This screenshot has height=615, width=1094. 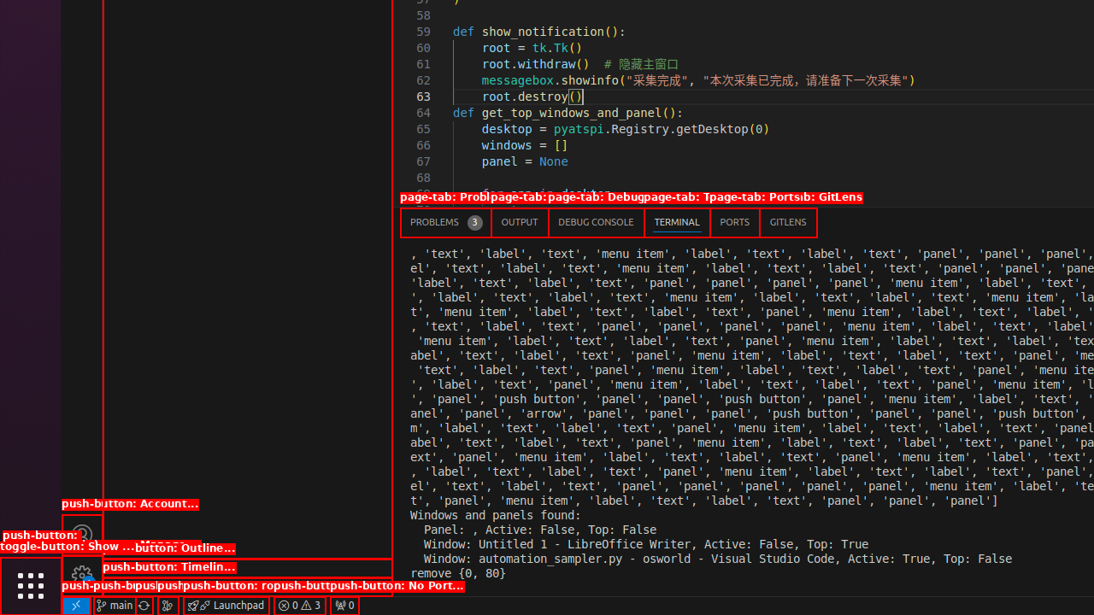 What do you see at coordinates (445, 221) in the screenshot?
I see `'Problems (Ctrl+Shift+M) - Total 3 Problems'` at bounding box center [445, 221].